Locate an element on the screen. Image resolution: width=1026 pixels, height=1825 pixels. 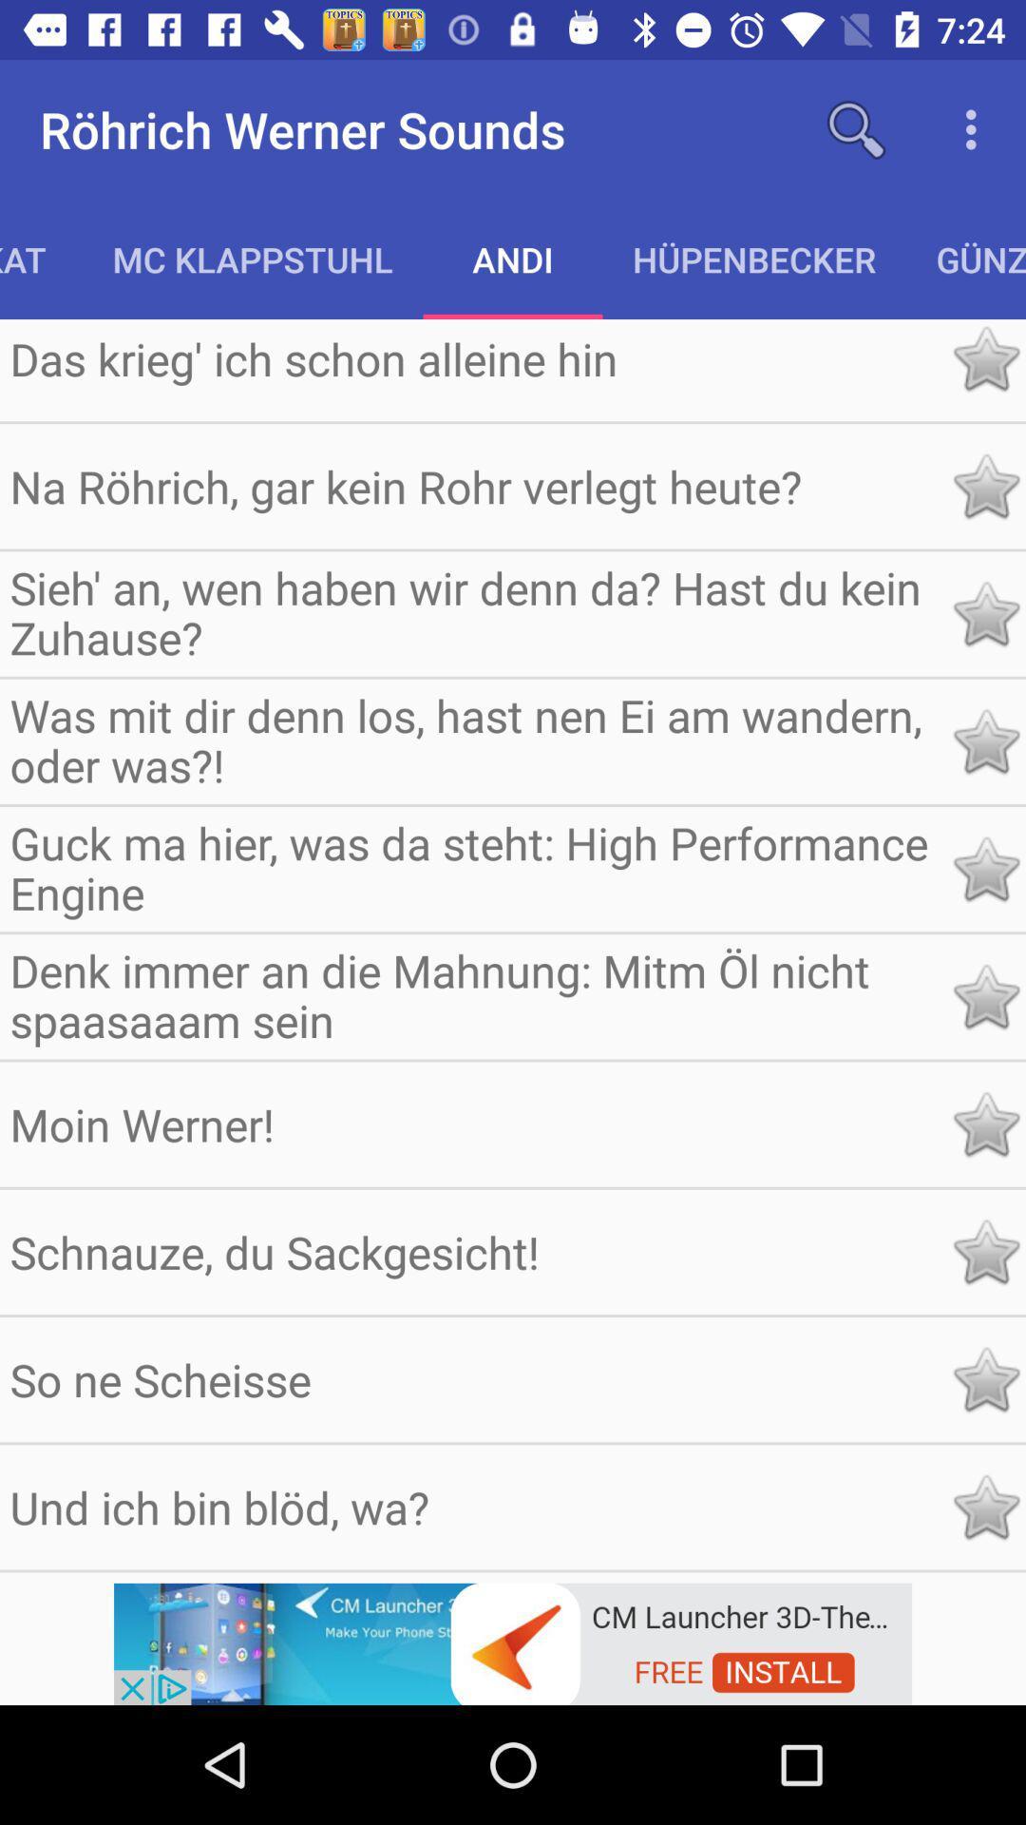
to favorites is located at coordinates (984, 740).